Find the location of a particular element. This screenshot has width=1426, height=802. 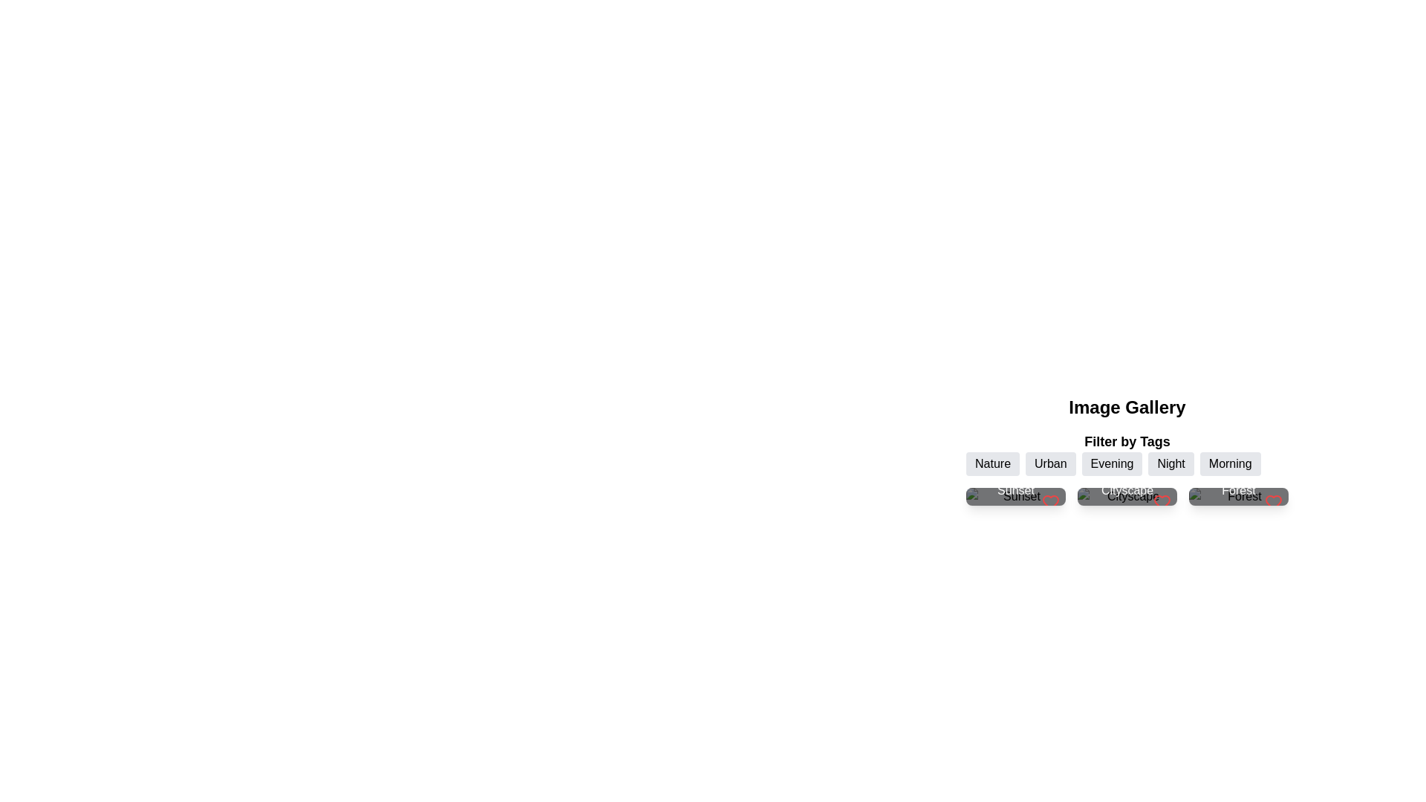

the text label displaying the title 'Forest' located at the bottom of the last image card in the 'Image Gallery' section is located at coordinates (1239, 490).